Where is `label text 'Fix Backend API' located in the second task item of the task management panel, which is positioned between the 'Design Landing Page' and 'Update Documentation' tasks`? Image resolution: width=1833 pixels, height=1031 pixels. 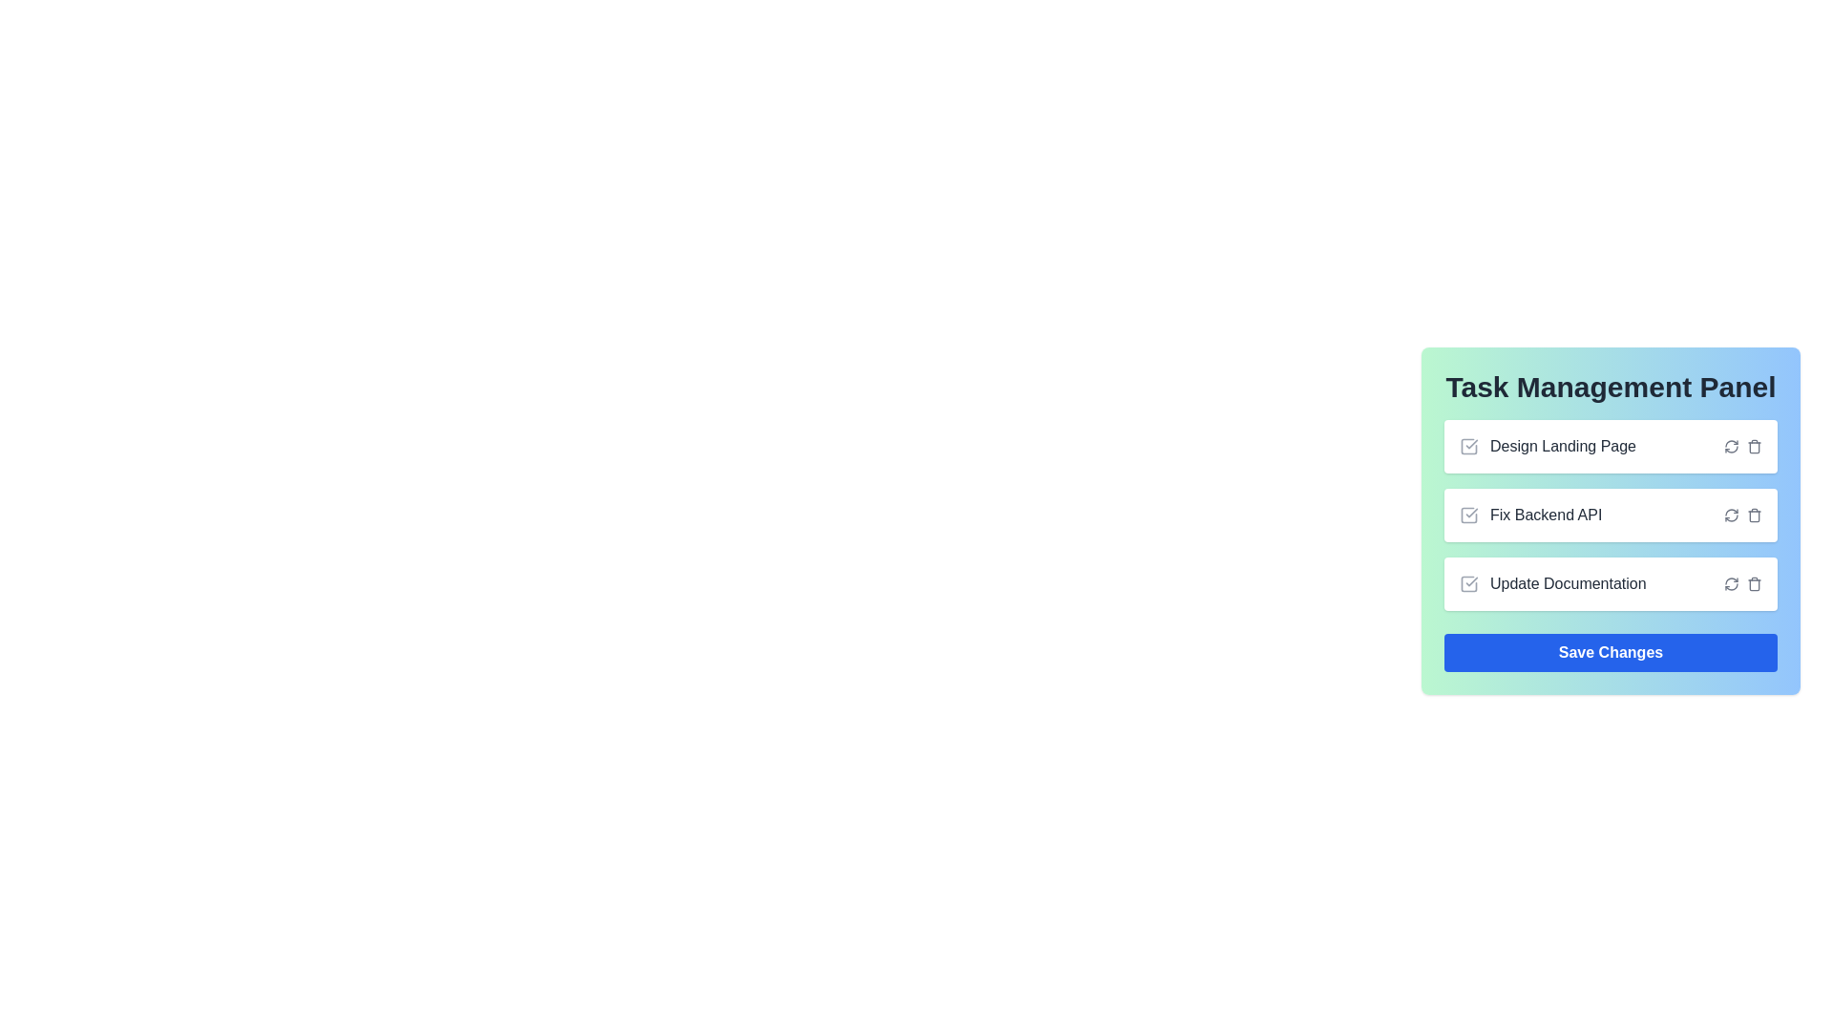
label text 'Fix Backend API' located in the second task item of the task management panel, which is positioned between the 'Design Landing Page' and 'Update Documentation' tasks is located at coordinates (1546, 515).